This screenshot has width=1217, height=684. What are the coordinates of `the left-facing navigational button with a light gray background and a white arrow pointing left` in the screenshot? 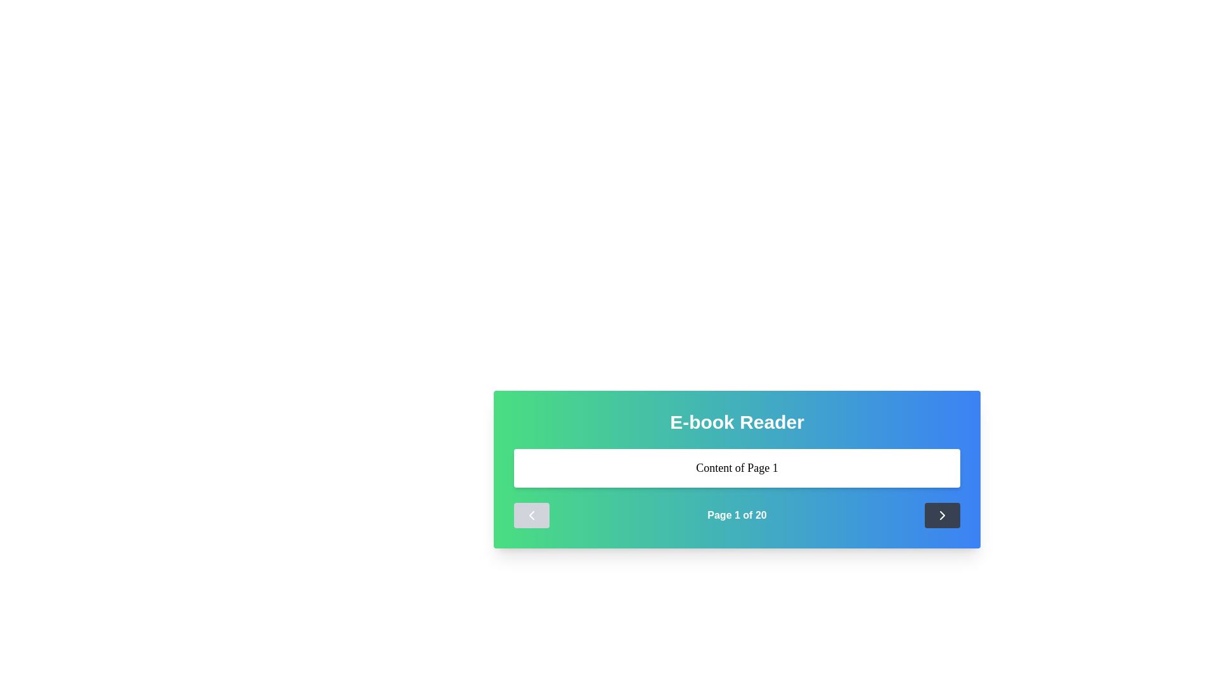 It's located at (532, 515).